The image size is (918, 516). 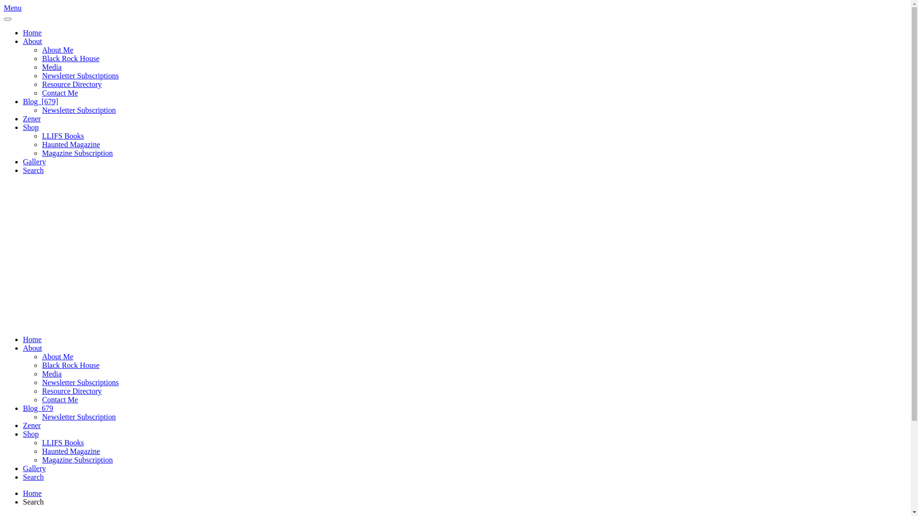 What do you see at coordinates (80, 382) in the screenshot?
I see `'Newsletter Subscriptions'` at bounding box center [80, 382].